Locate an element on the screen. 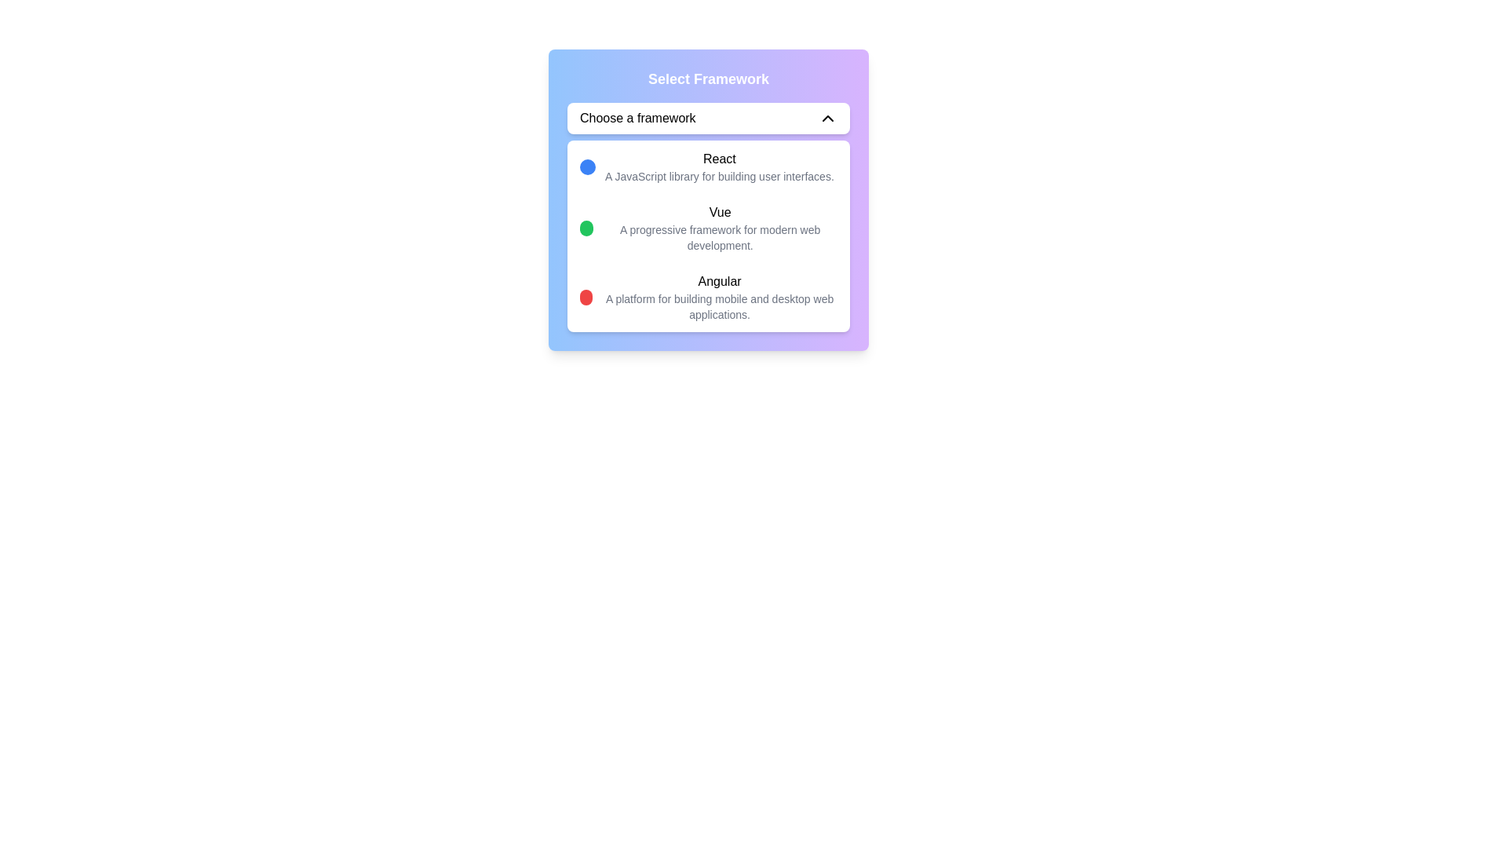  to select the 'Angular' option from the dropdown menu under 'Select Framework', which is the third option in the list is located at coordinates (707, 297).